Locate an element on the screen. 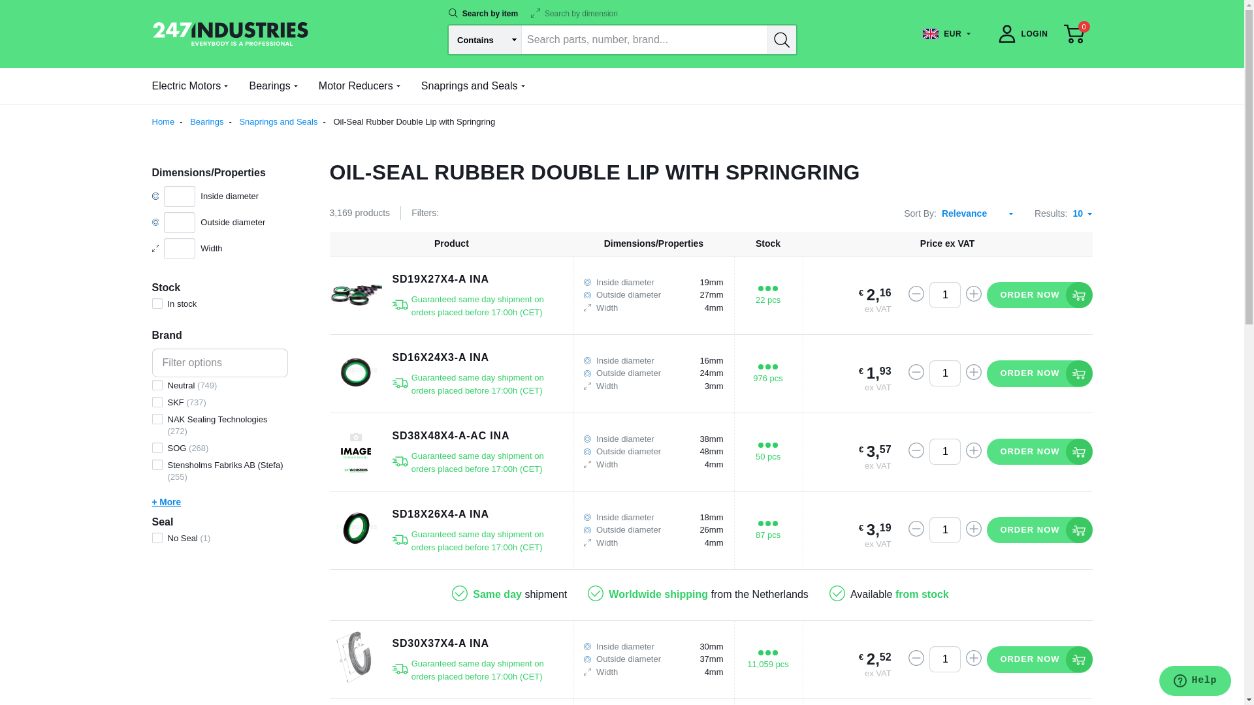  'SD18X26X4-A INA' is located at coordinates (440, 513).